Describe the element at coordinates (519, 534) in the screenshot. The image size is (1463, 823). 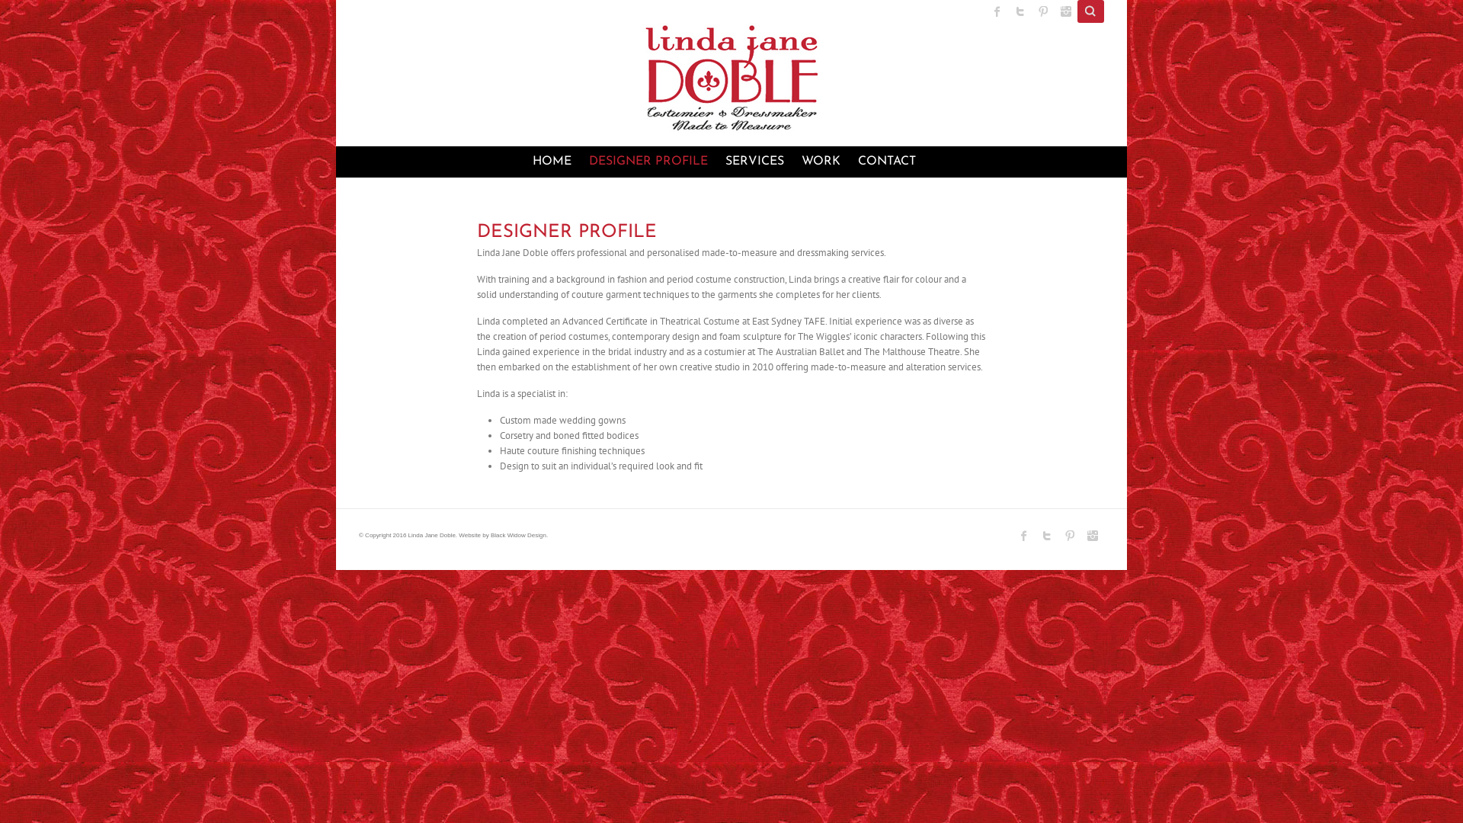
I see `'Black Widow Design.'` at that location.